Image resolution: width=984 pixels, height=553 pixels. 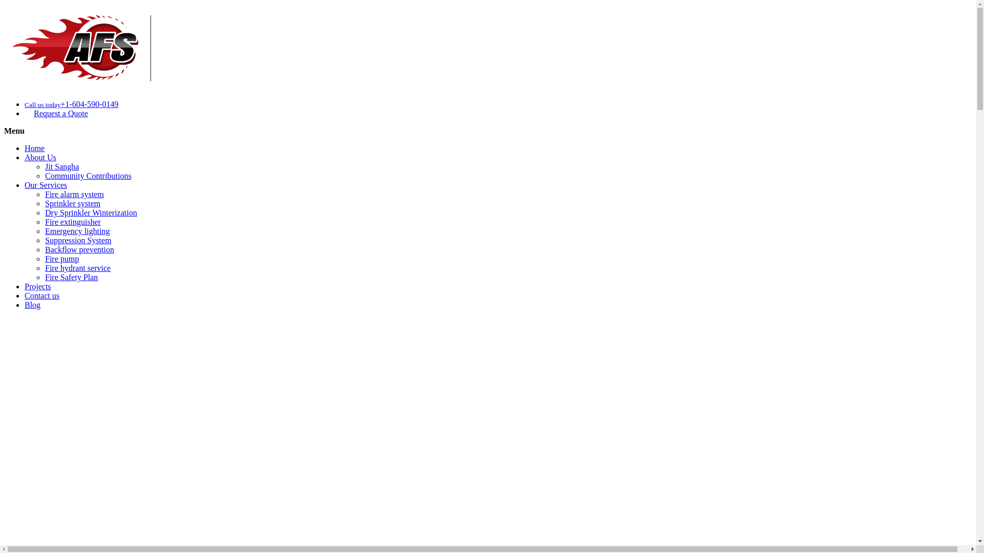 What do you see at coordinates (76, 231) in the screenshot?
I see `'Emergency lighting'` at bounding box center [76, 231].